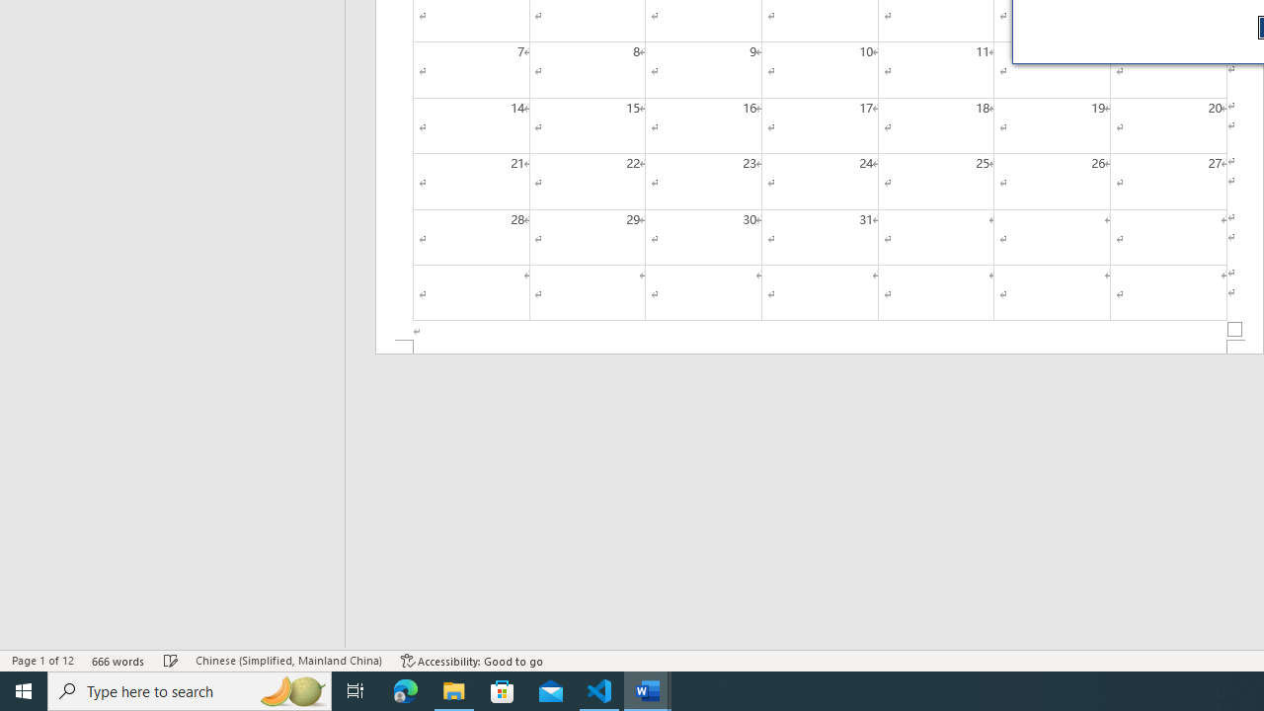 The width and height of the screenshot is (1264, 711). I want to click on 'Visual Studio Code - 1 running window', so click(598, 689).